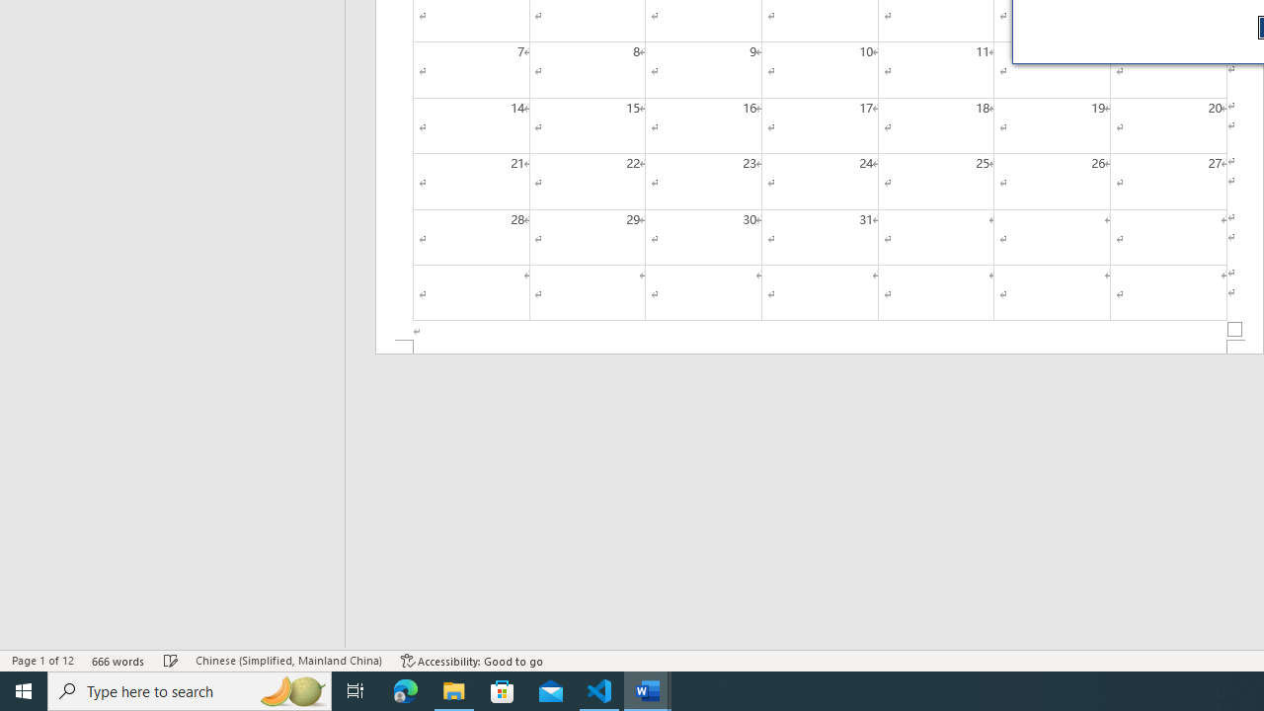 The width and height of the screenshot is (1264, 711). I want to click on 'Visual Studio Code - 1 running window', so click(598, 689).